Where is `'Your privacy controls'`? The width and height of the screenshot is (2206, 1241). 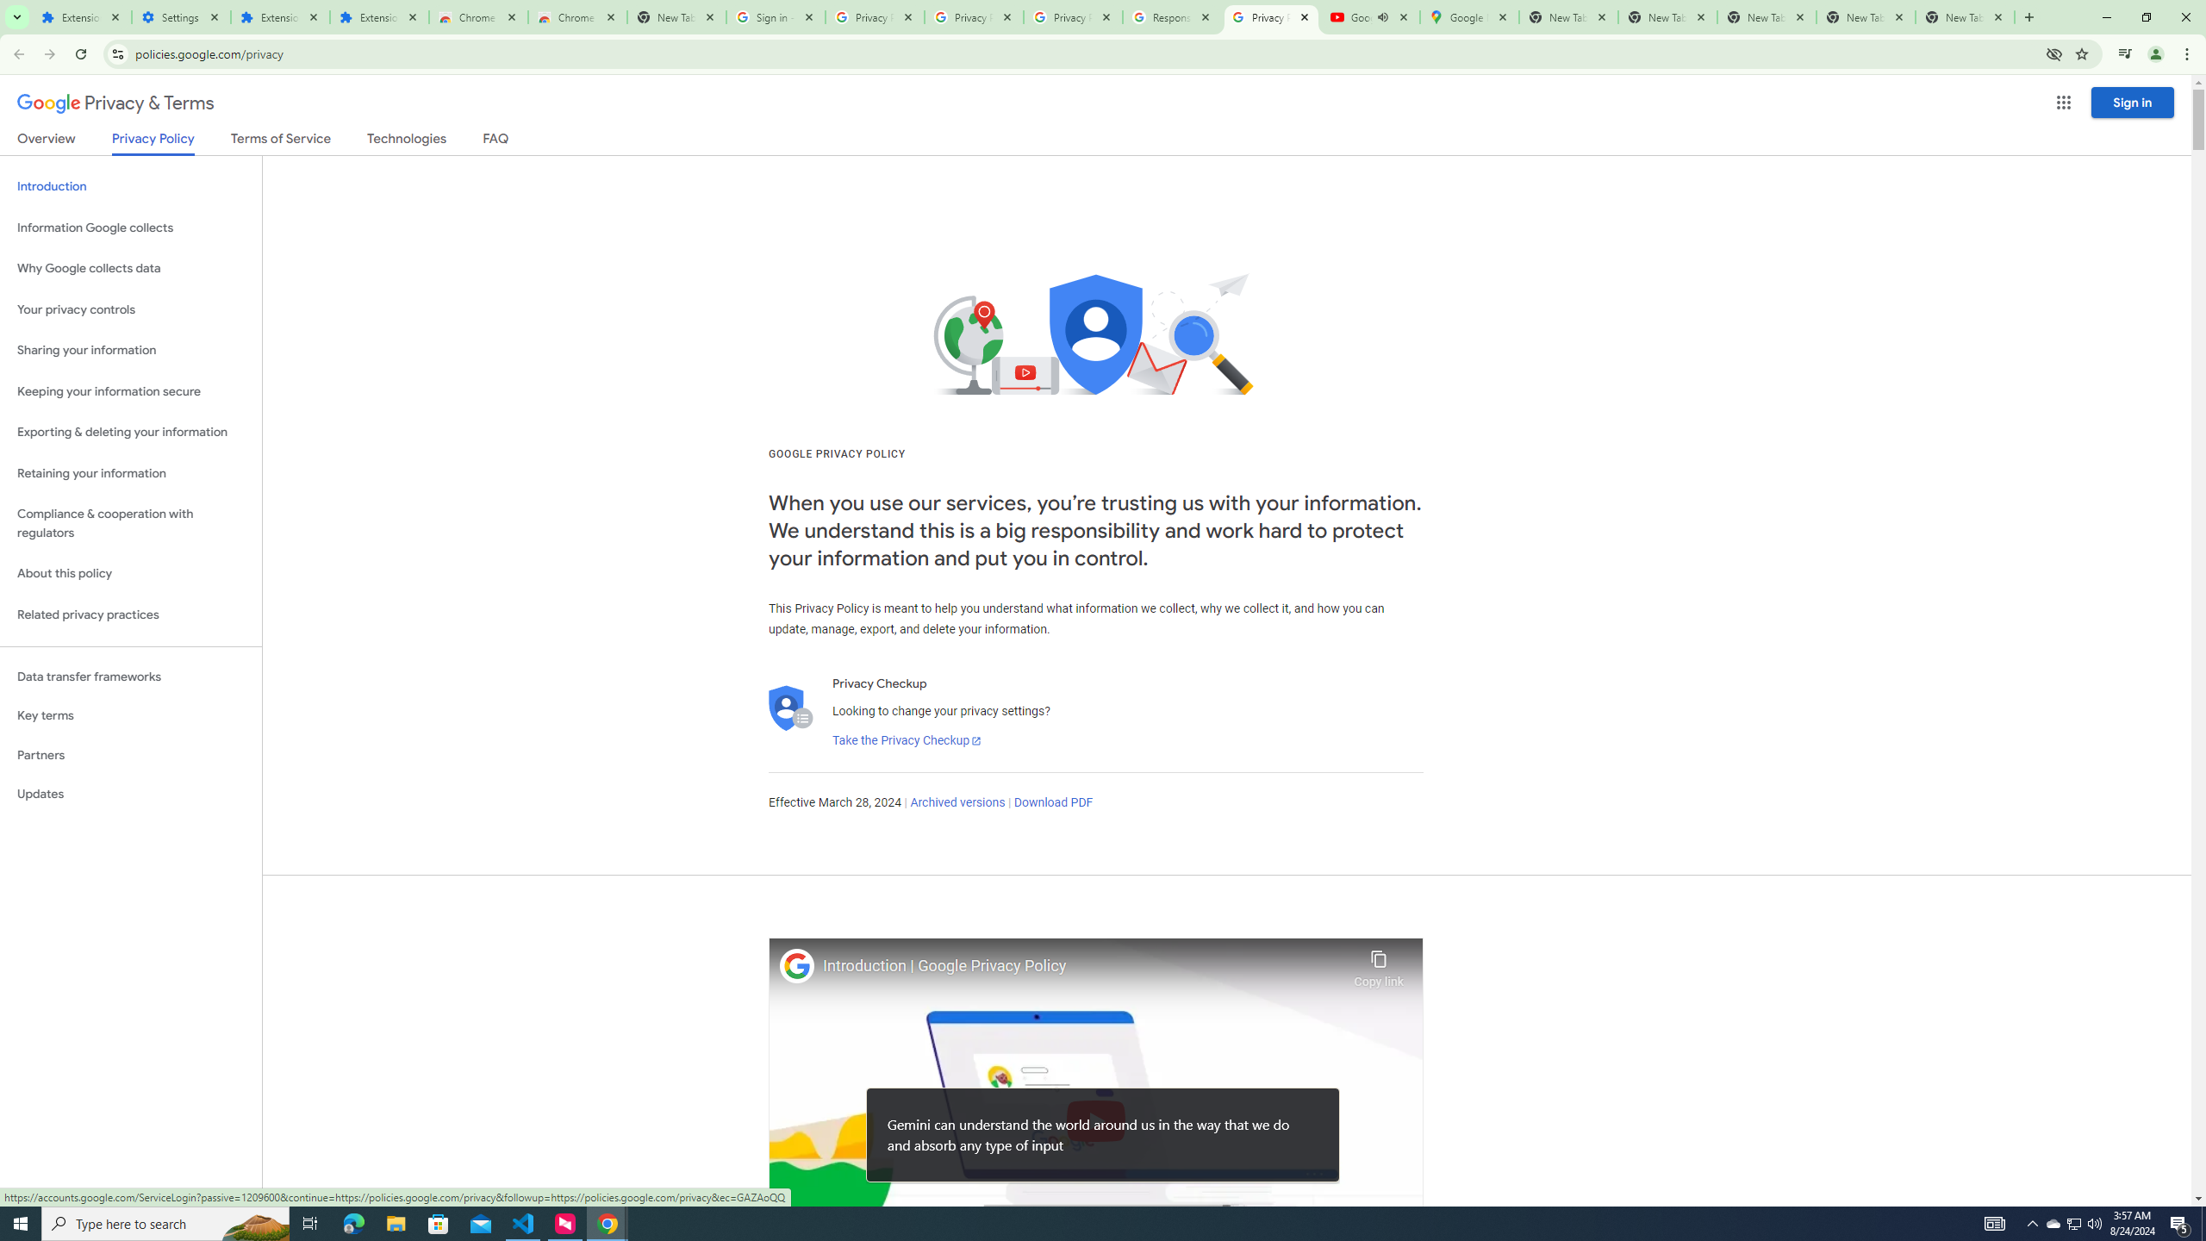
'Your privacy controls' is located at coordinates (130, 310).